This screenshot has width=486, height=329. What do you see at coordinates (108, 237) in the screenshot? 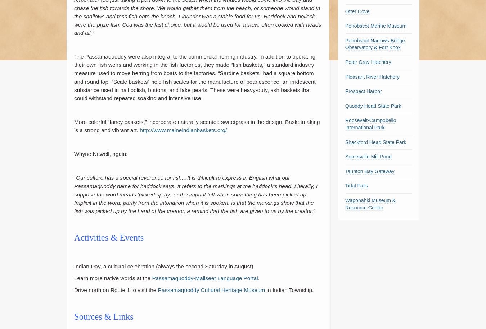
I see `'Activities & Events'` at bounding box center [108, 237].